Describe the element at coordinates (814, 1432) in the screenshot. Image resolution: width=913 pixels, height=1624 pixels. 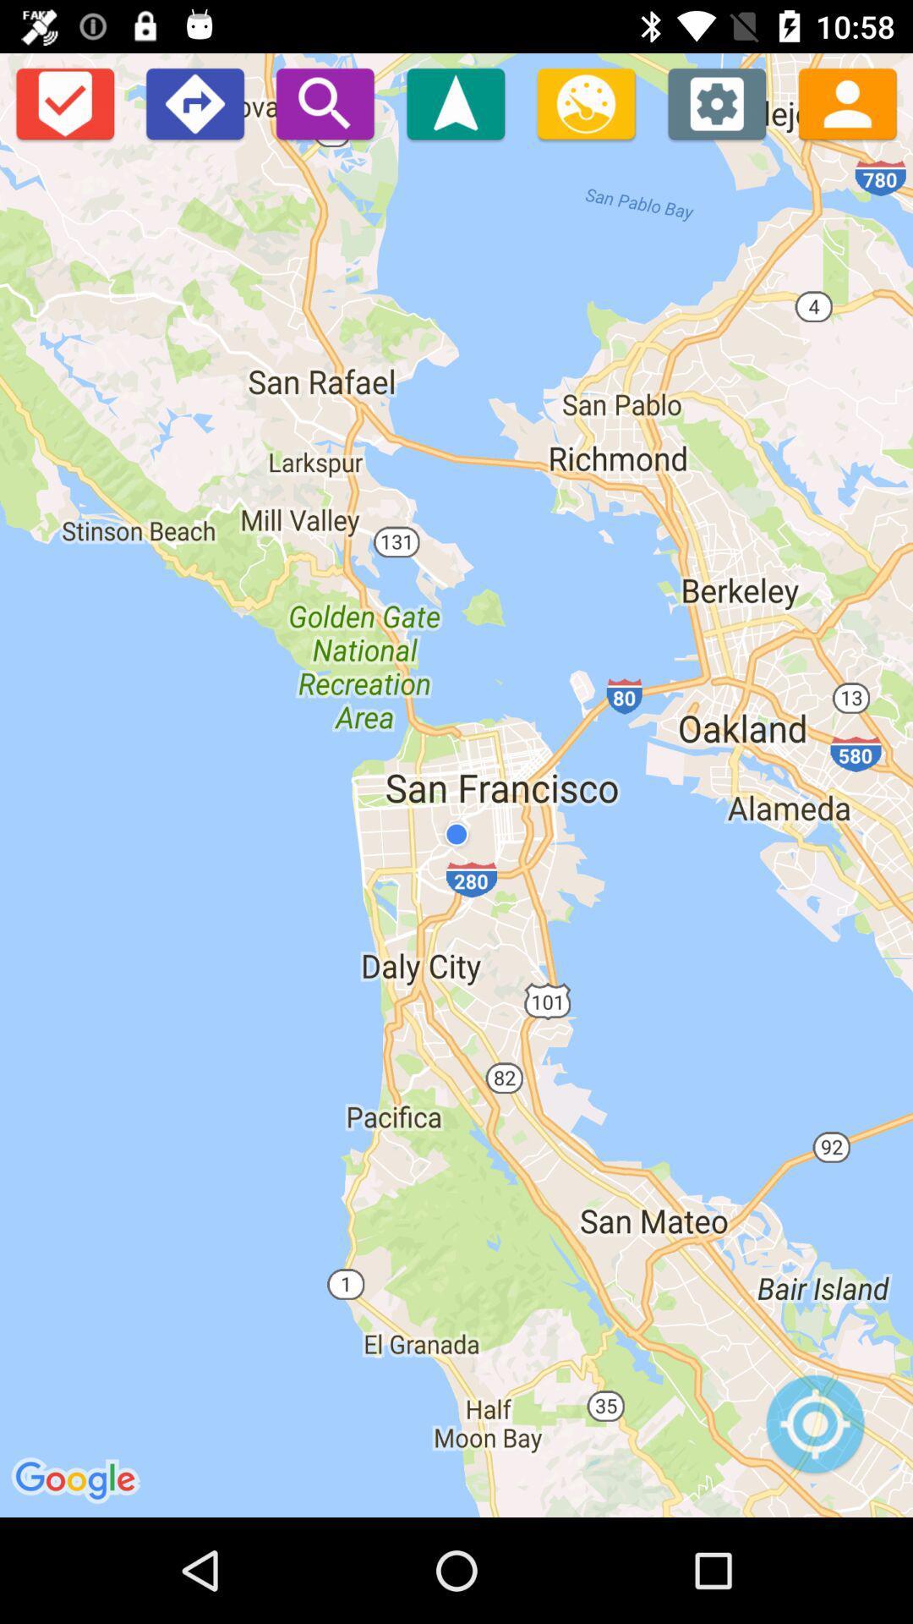
I see `the item at the bottom right corner` at that location.